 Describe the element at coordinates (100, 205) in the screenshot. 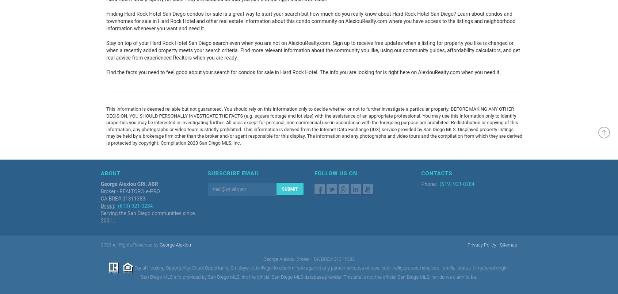

I see `'Direct:'` at that location.